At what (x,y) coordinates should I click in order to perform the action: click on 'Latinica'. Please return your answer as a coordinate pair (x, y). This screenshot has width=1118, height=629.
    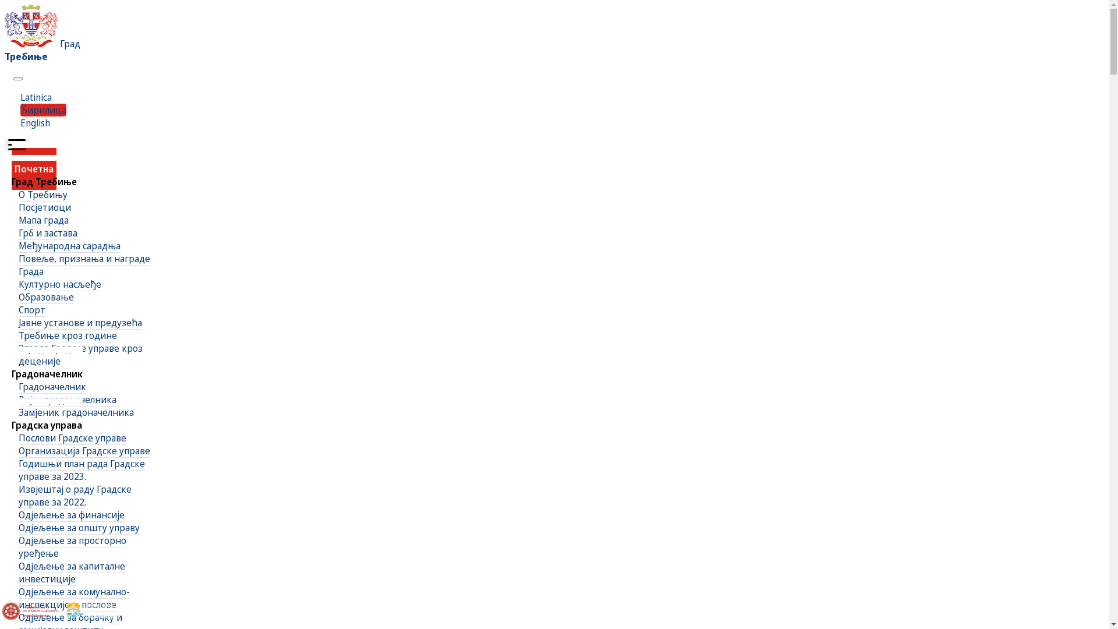
    Looking at the image, I should click on (36, 96).